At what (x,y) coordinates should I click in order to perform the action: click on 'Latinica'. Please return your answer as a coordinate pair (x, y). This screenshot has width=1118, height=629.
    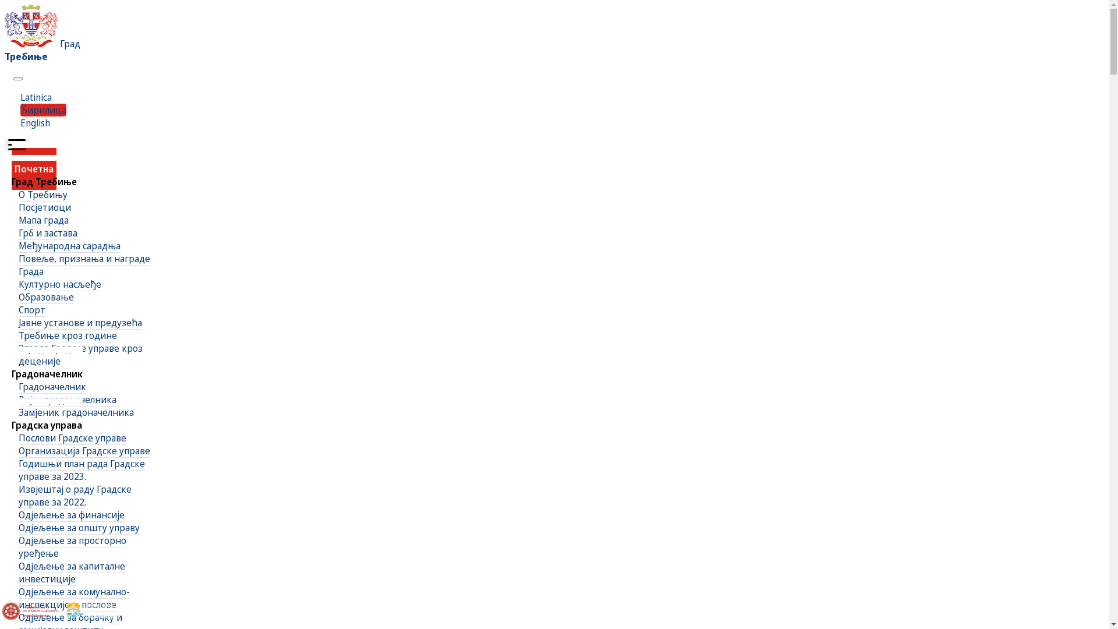
    Looking at the image, I should click on (36, 96).